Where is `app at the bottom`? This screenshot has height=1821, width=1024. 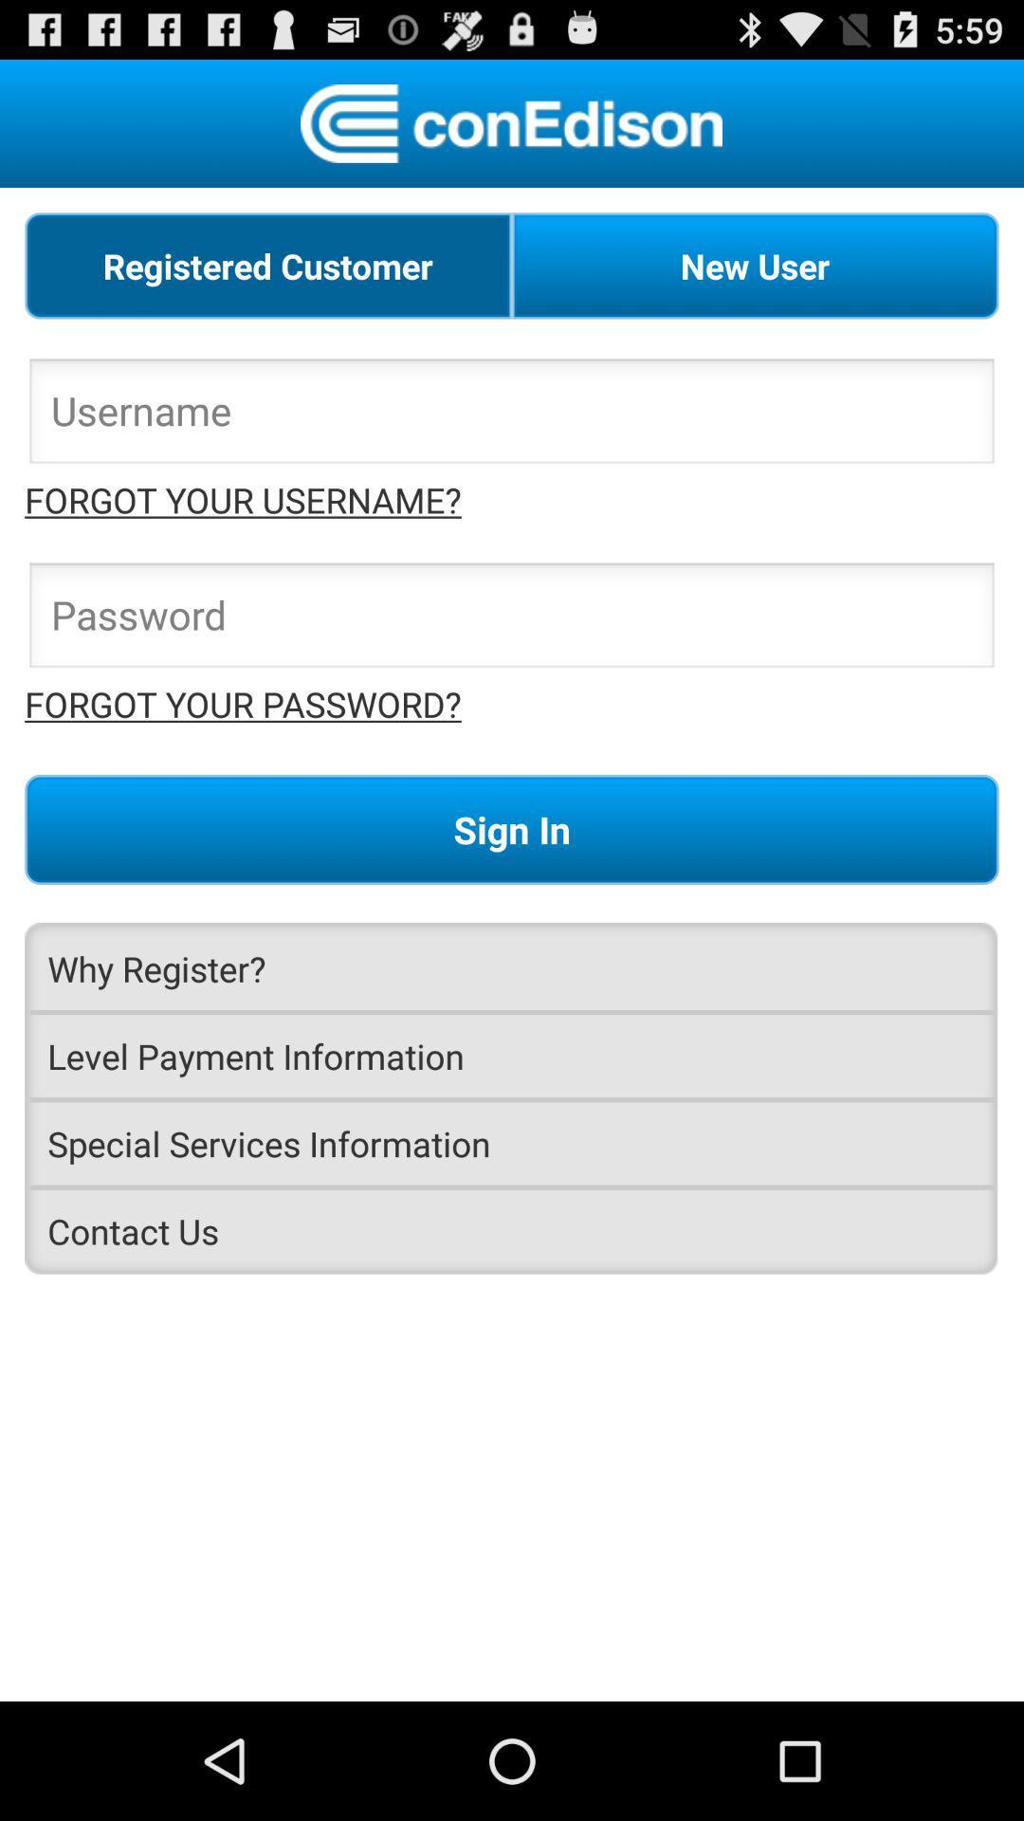
app at the bottom is located at coordinates (512, 1231).